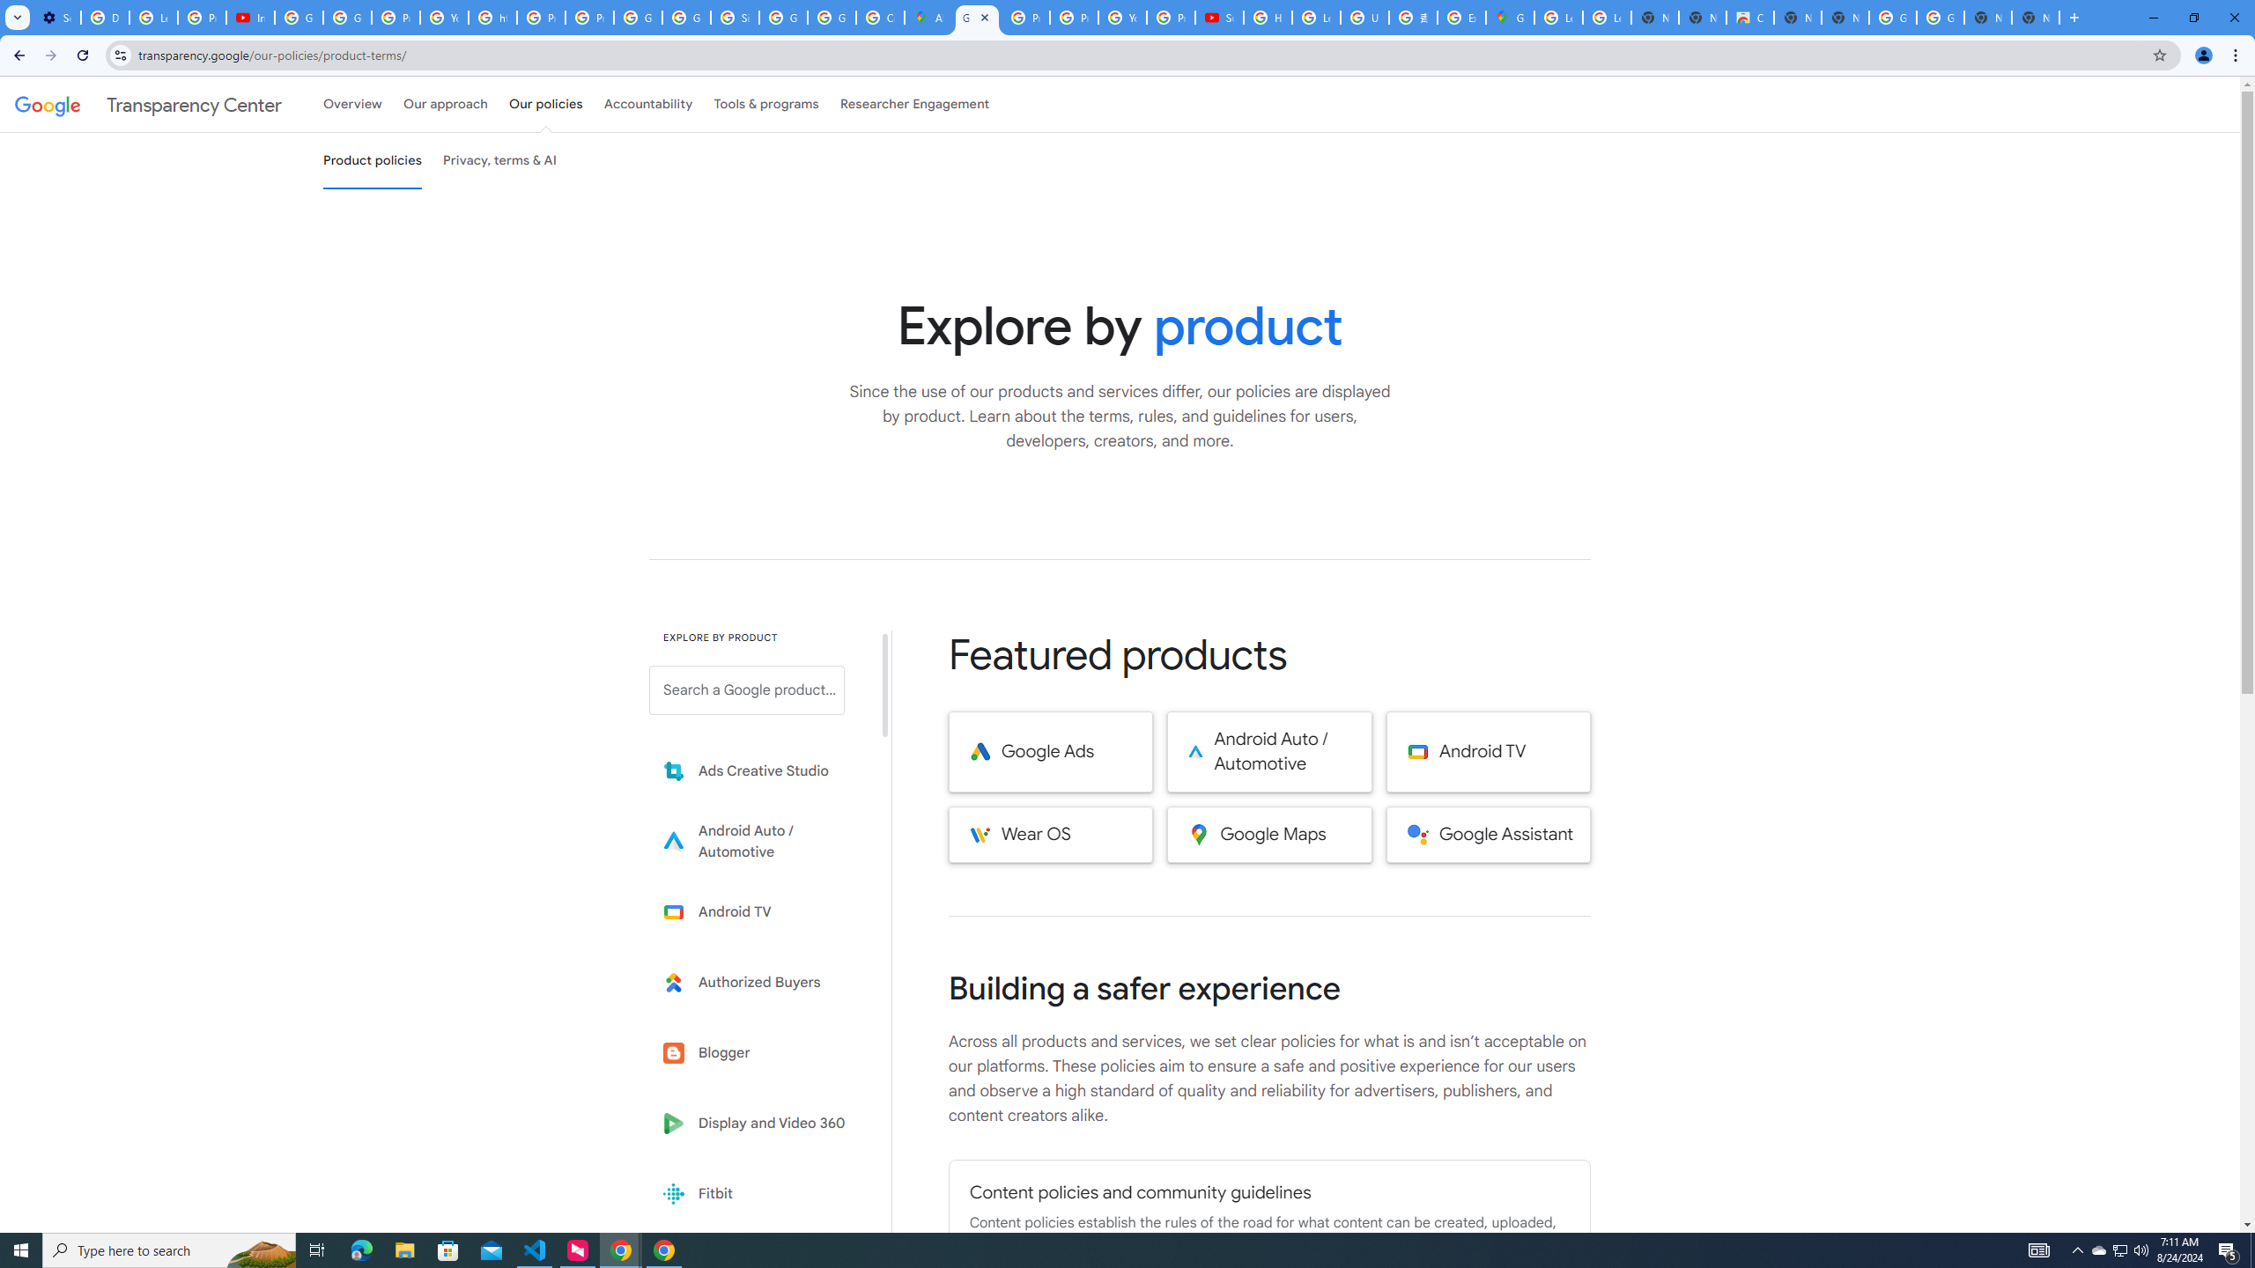  What do you see at coordinates (1749, 17) in the screenshot?
I see `'Chrome Web Store'` at bounding box center [1749, 17].